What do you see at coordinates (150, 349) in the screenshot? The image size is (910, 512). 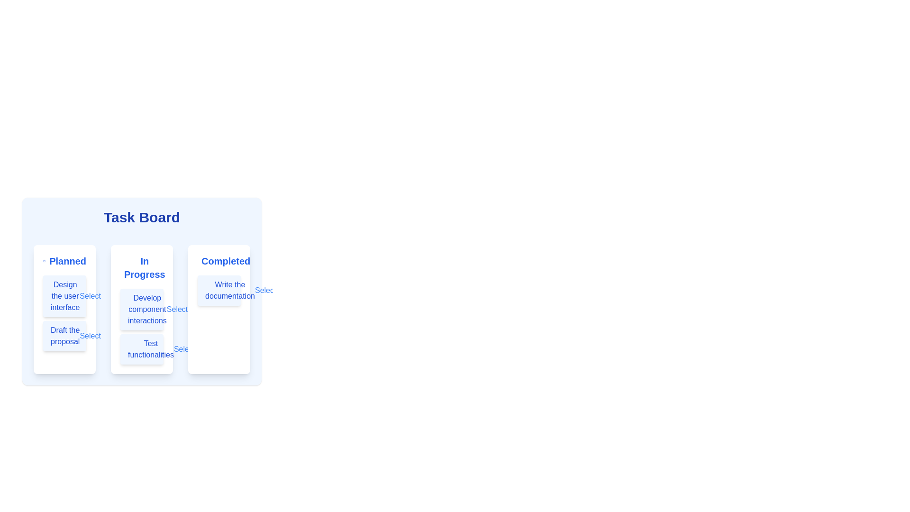 I see `text label displaying 'Test functionalities' located under the 'In Progress' column, positioned relative to the 'Select' text` at bounding box center [150, 349].